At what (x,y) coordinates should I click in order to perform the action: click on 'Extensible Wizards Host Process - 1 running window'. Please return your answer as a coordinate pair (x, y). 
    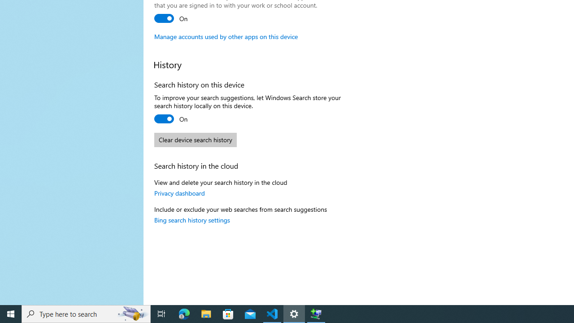
    Looking at the image, I should click on (316, 313).